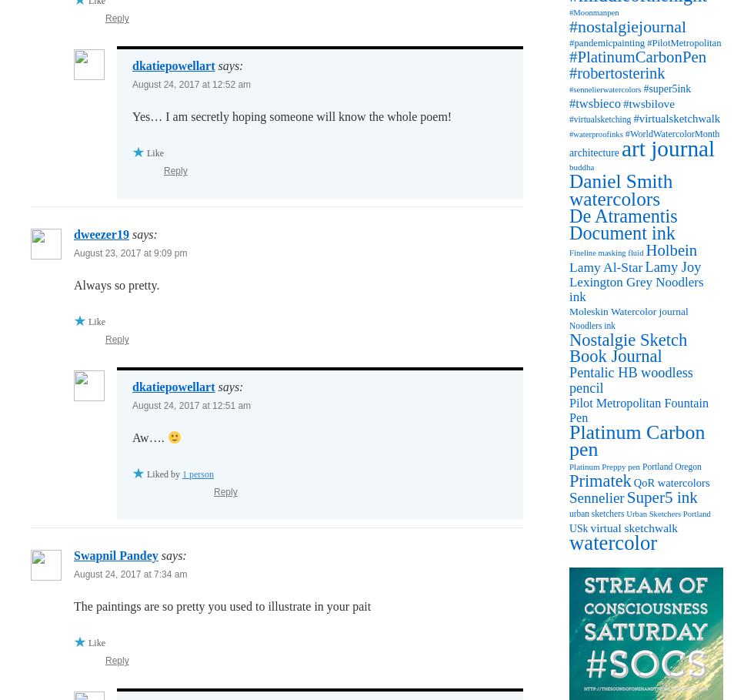  I want to click on 'Daniel Smith watercolors', so click(621, 189).